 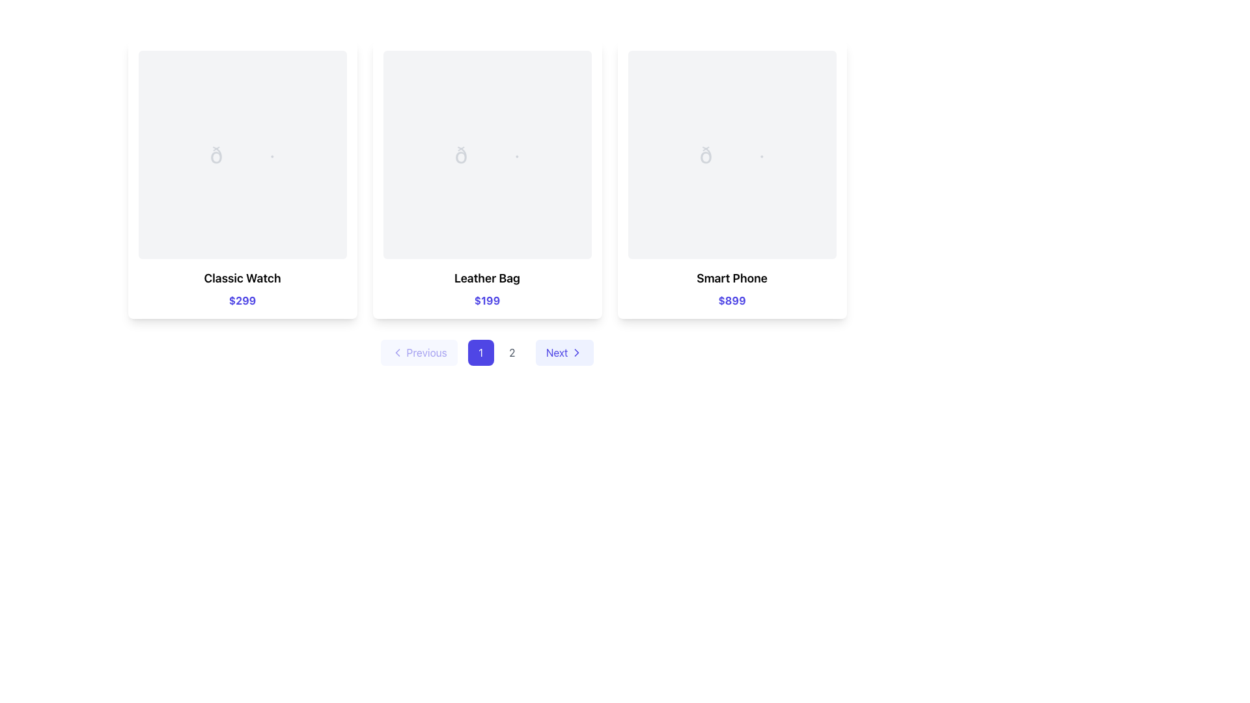 What do you see at coordinates (242, 278) in the screenshot?
I see `text label located centrally at the bottom of the product card, positioned above the price '$299' and below the image placeholder, for product identification` at bounding box center [242, 278].